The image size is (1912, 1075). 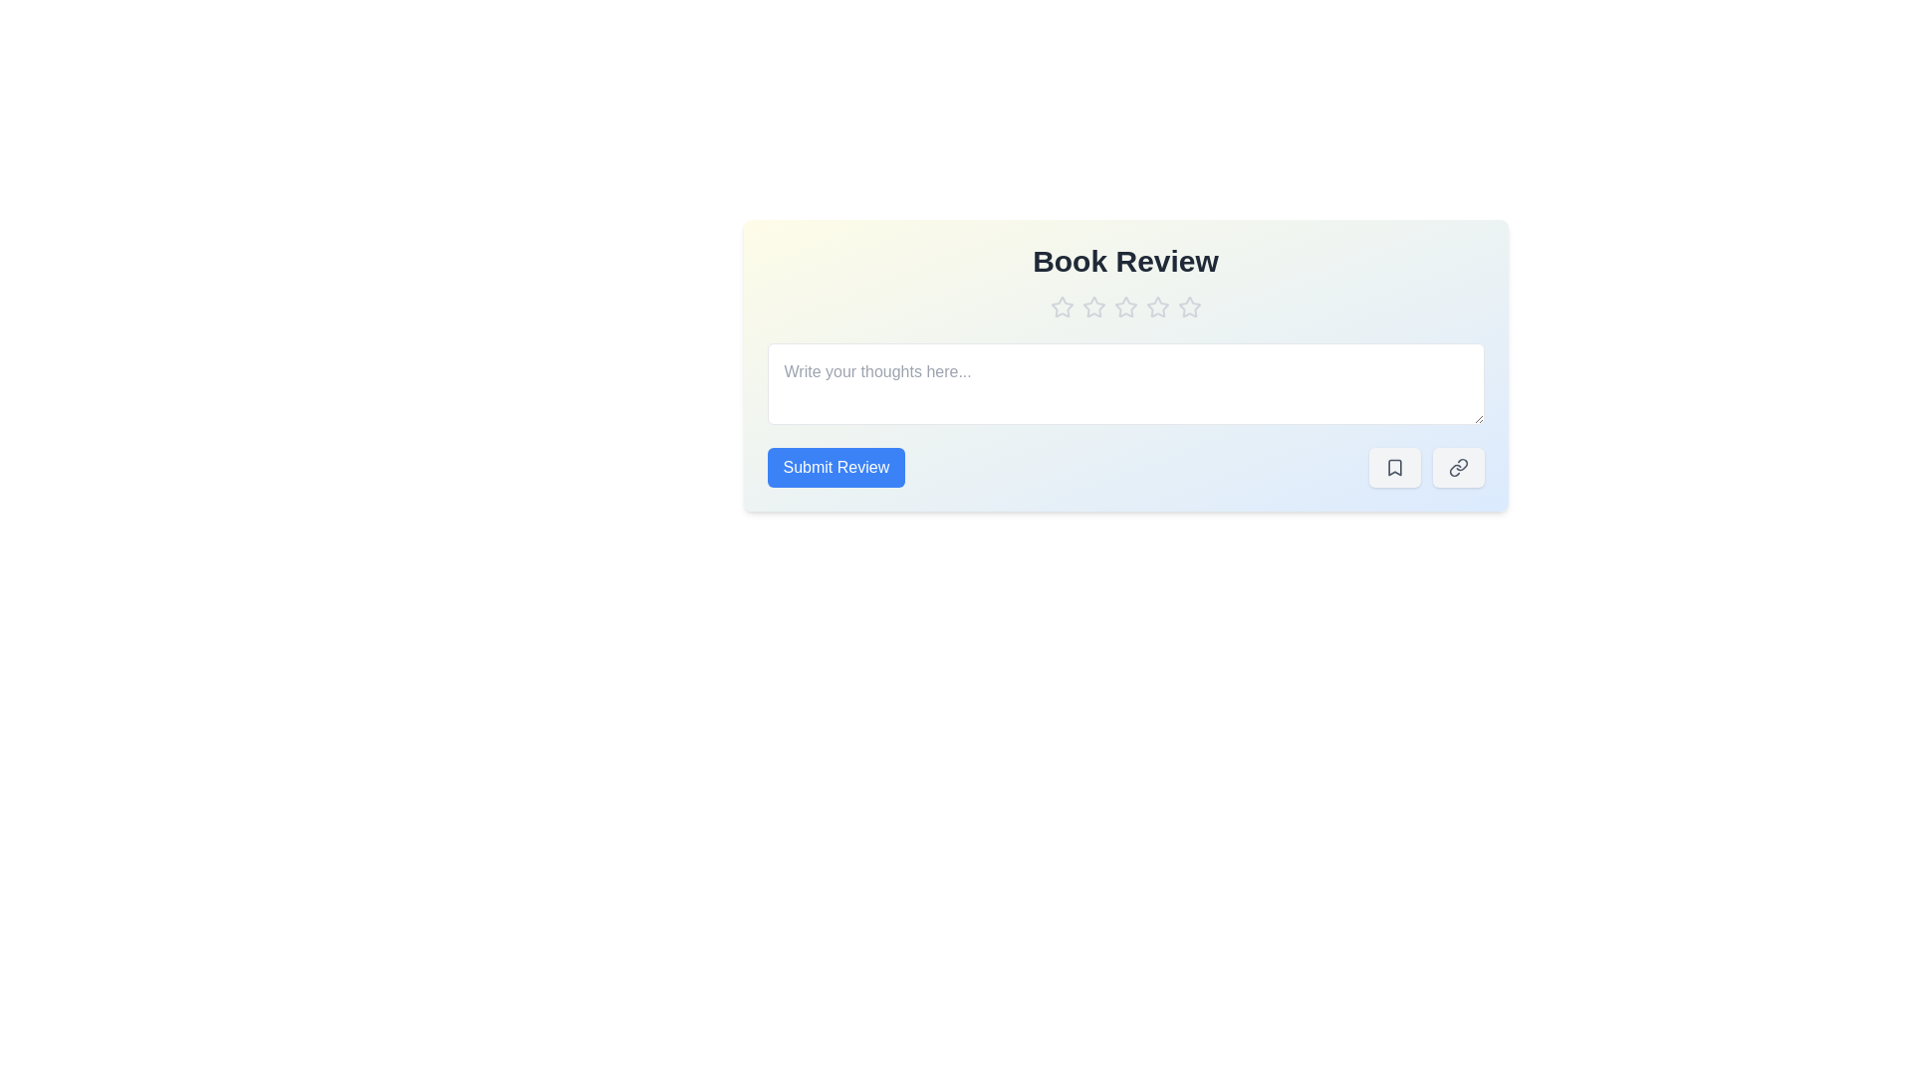 I want to click on the 'Submit Review' button to submit the review, so click(x=836, y=468).